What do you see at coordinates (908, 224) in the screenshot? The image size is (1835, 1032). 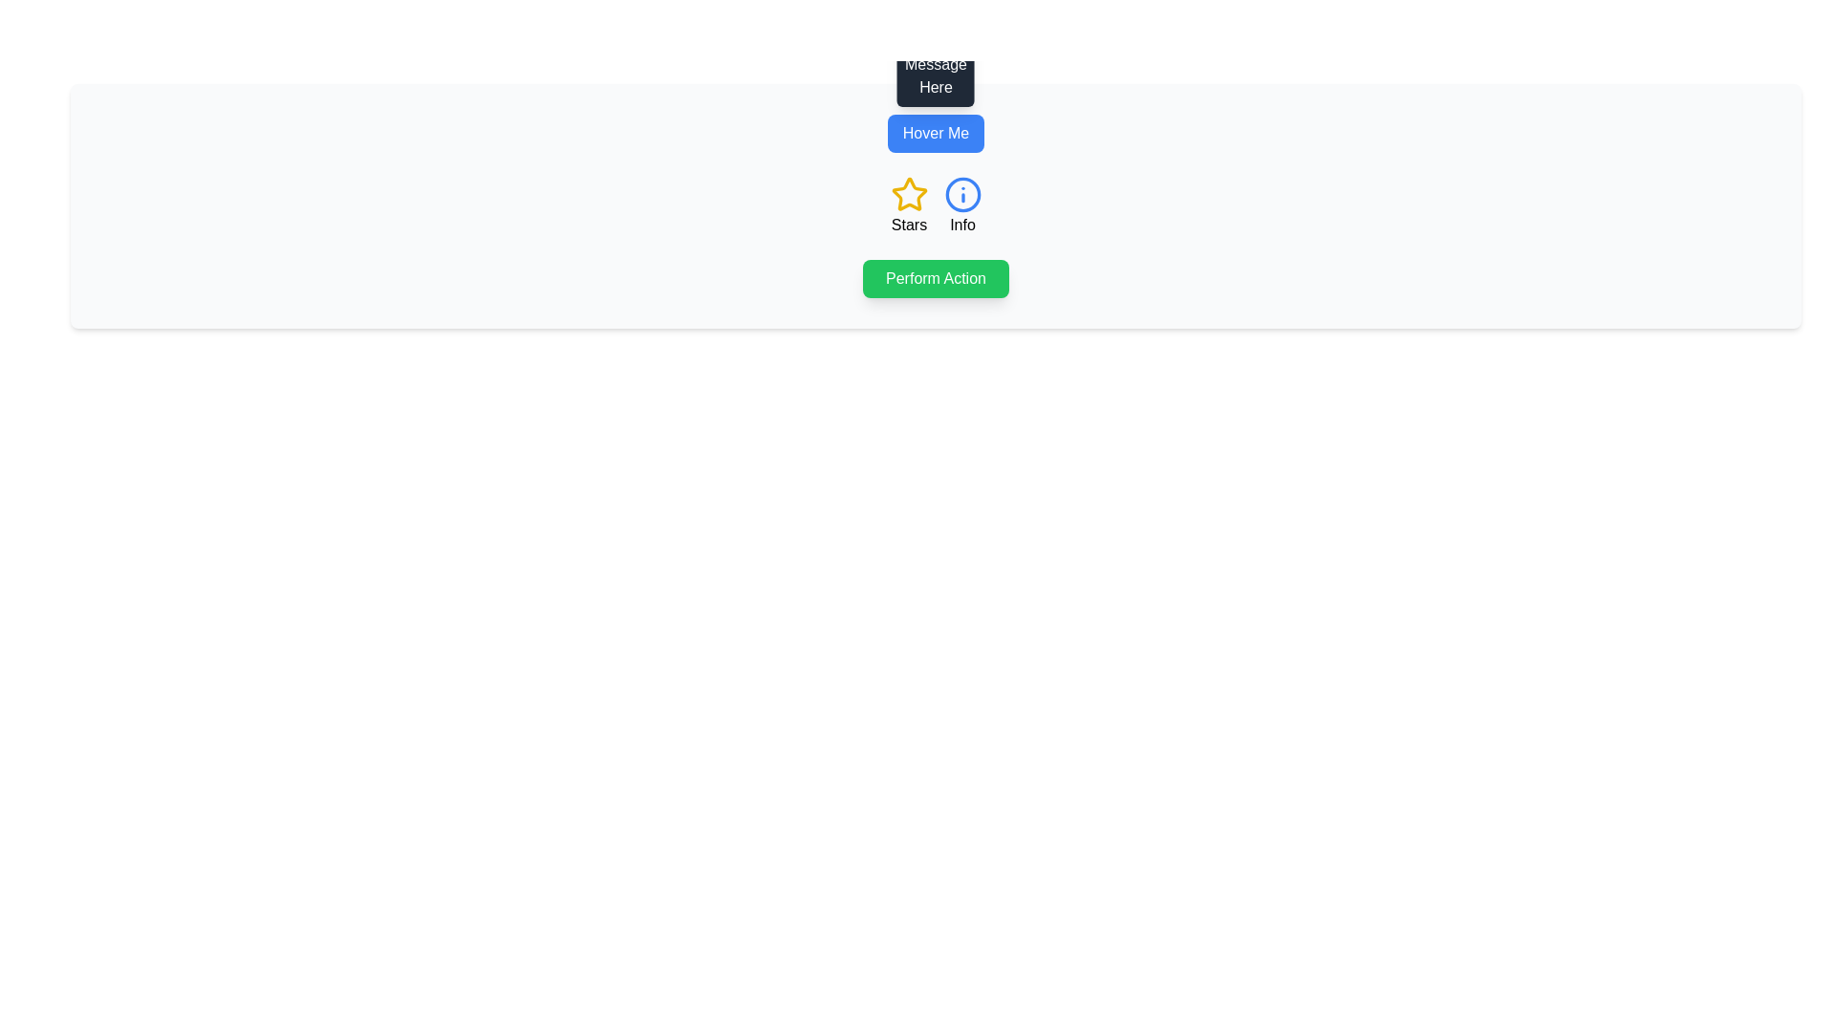 I see `the 'Stars' text label, which is black on a white background and positioned beneath a star icon in a vertical stack of elements` at bounding box center [908, 224].